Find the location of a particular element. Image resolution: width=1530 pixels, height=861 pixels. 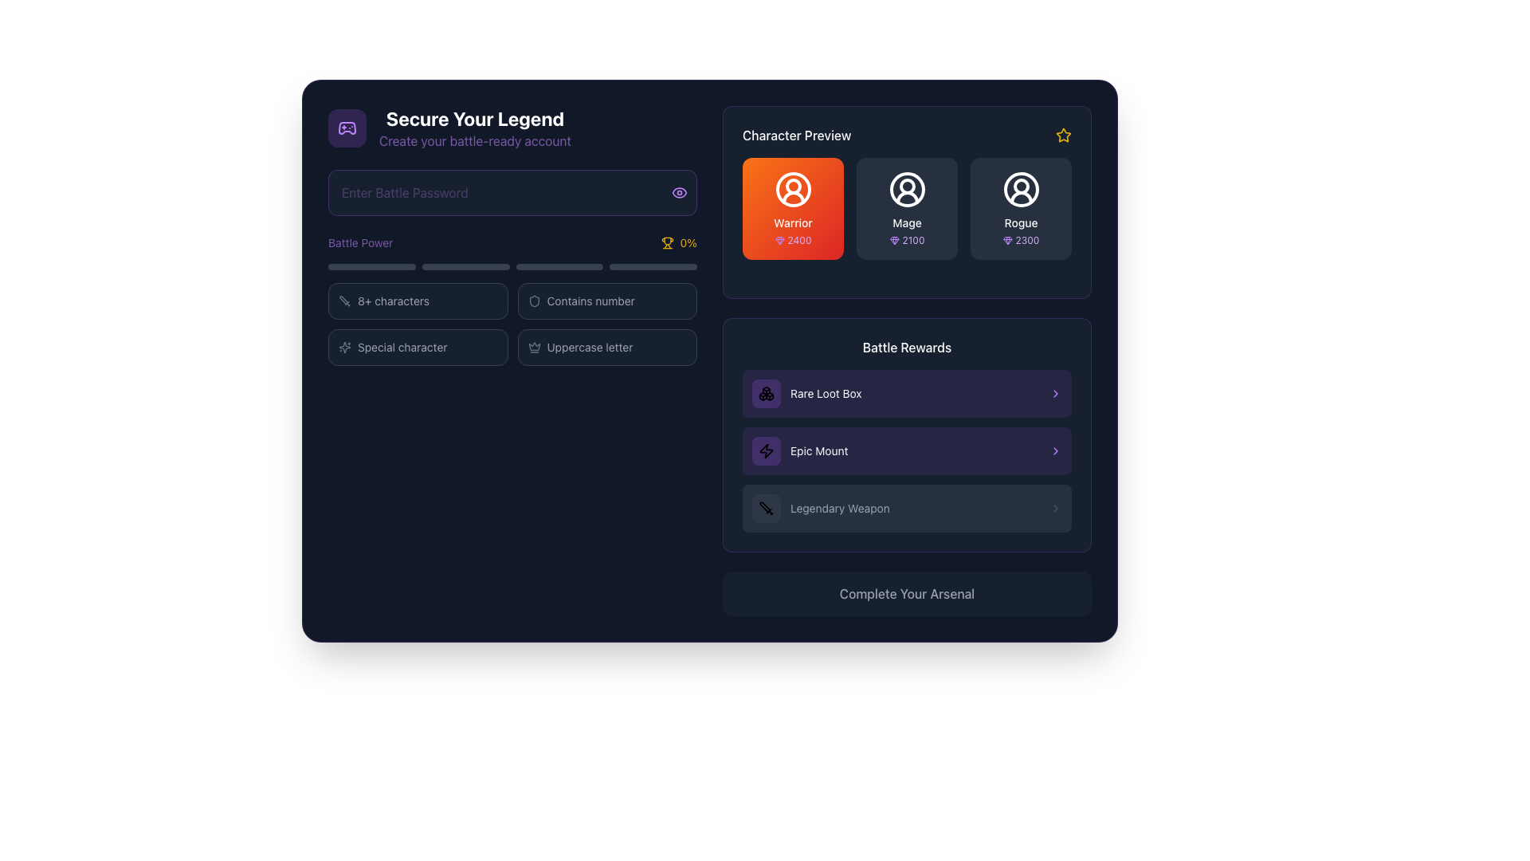

the static text label displaying 'Uppercase letter', which is styled in a small, gray, and slightly dimmed font, located under the 'Special character' option in the password strength guidelines is located at coordinates (589, 346).